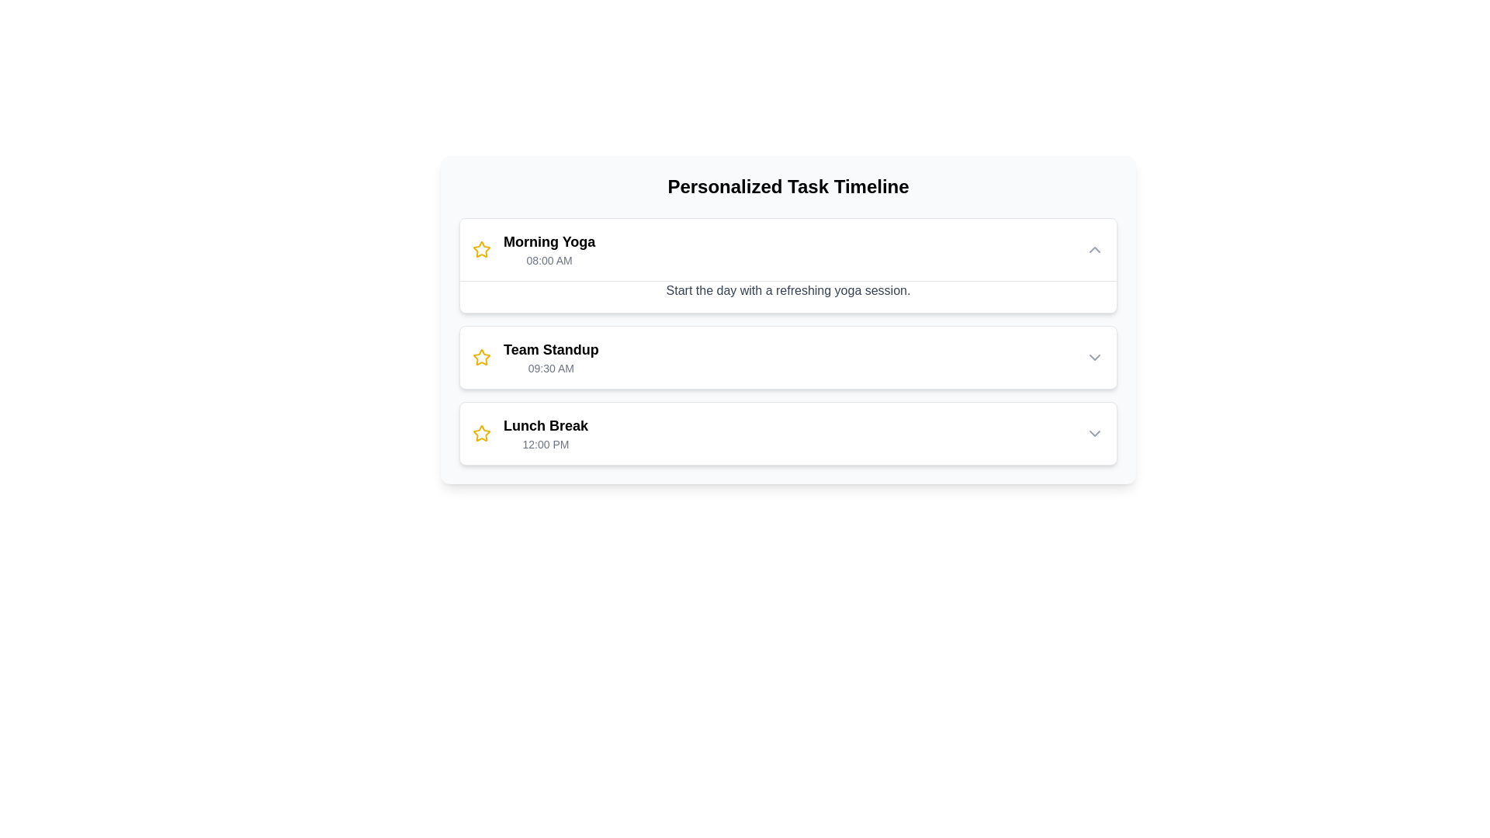  Describe the element at coordinates (480, 434) in the screenshot. I see `the star-shaped icon with a yellow border located to the left of the 'Lunch Break' text in the task list interface` at that location.